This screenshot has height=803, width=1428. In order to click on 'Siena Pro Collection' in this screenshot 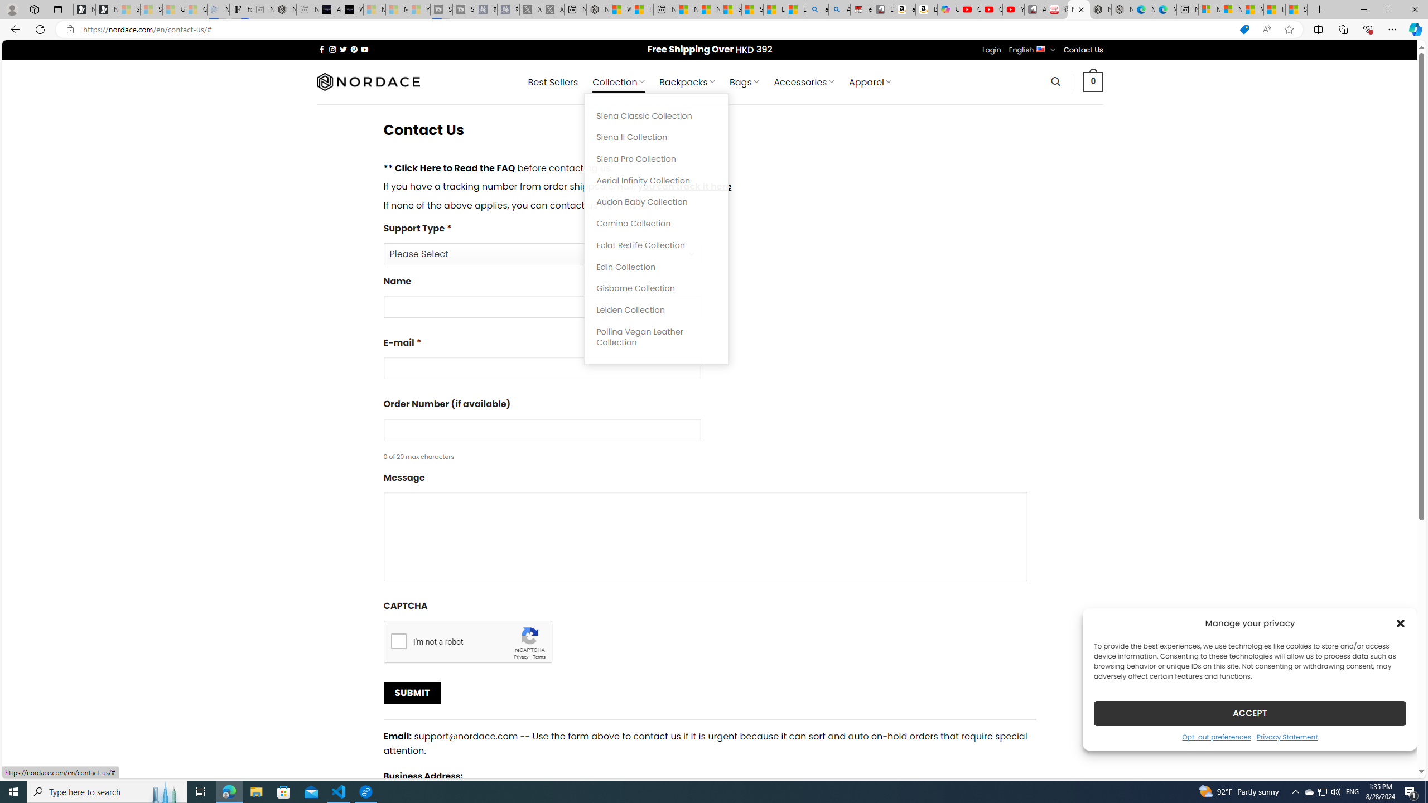, I will do `click(657, 158)`.